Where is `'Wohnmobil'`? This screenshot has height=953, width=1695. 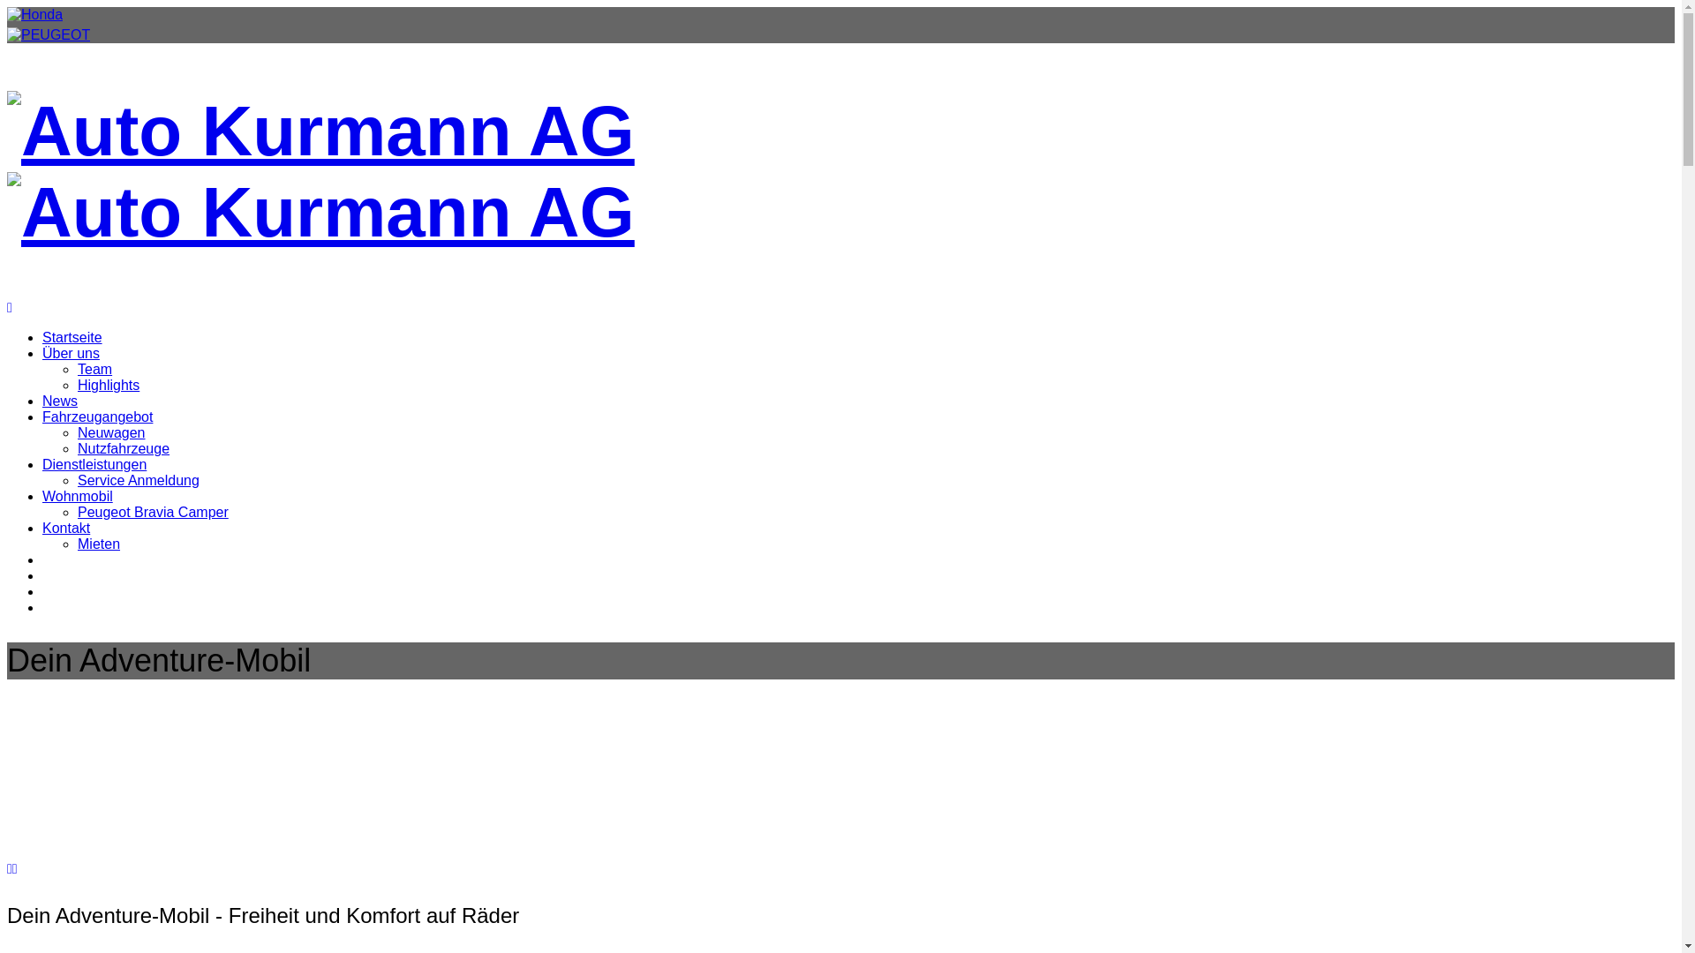
'Wohnmobil' is located at coordinates (76, 496).